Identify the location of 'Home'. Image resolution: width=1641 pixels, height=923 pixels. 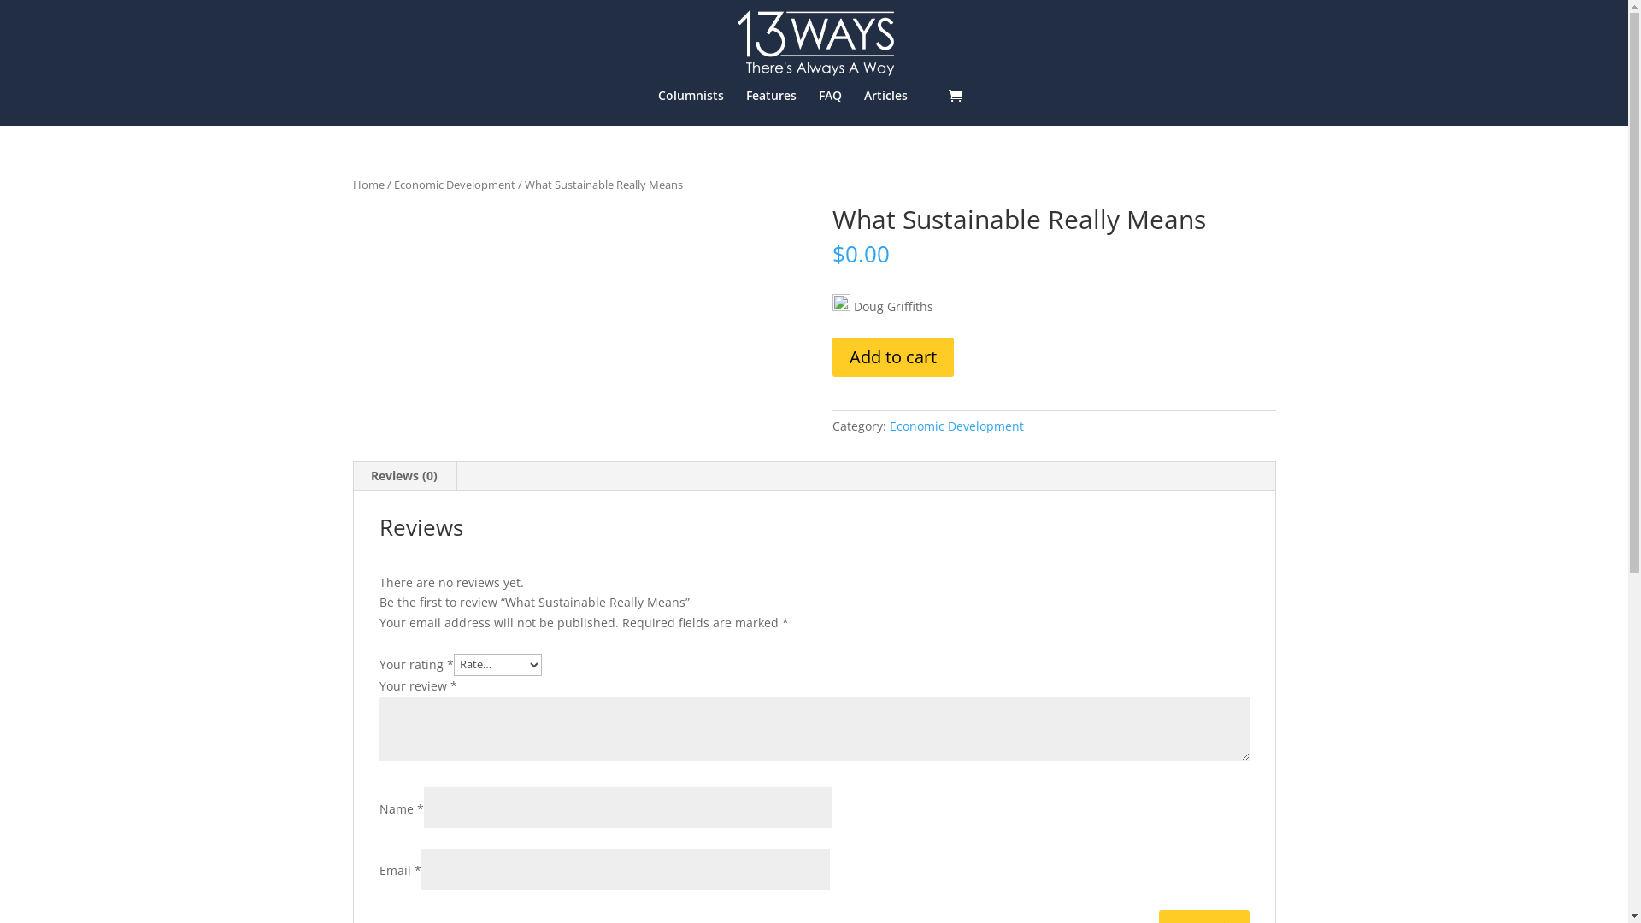
(367, 185).